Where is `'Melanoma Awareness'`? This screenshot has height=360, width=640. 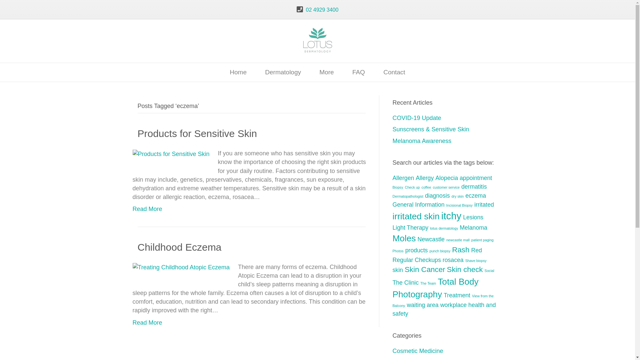 'Melanoma Awareness' is located at coordinates (392, 141).